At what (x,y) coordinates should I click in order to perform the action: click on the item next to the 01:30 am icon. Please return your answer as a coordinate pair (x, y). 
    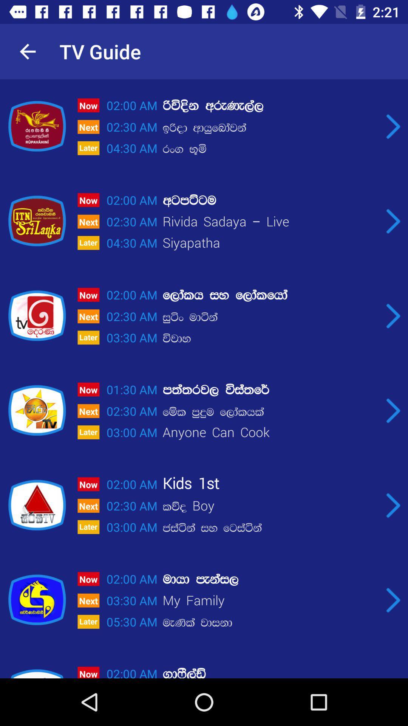
    Looking at the image, I should click on (270, 389).